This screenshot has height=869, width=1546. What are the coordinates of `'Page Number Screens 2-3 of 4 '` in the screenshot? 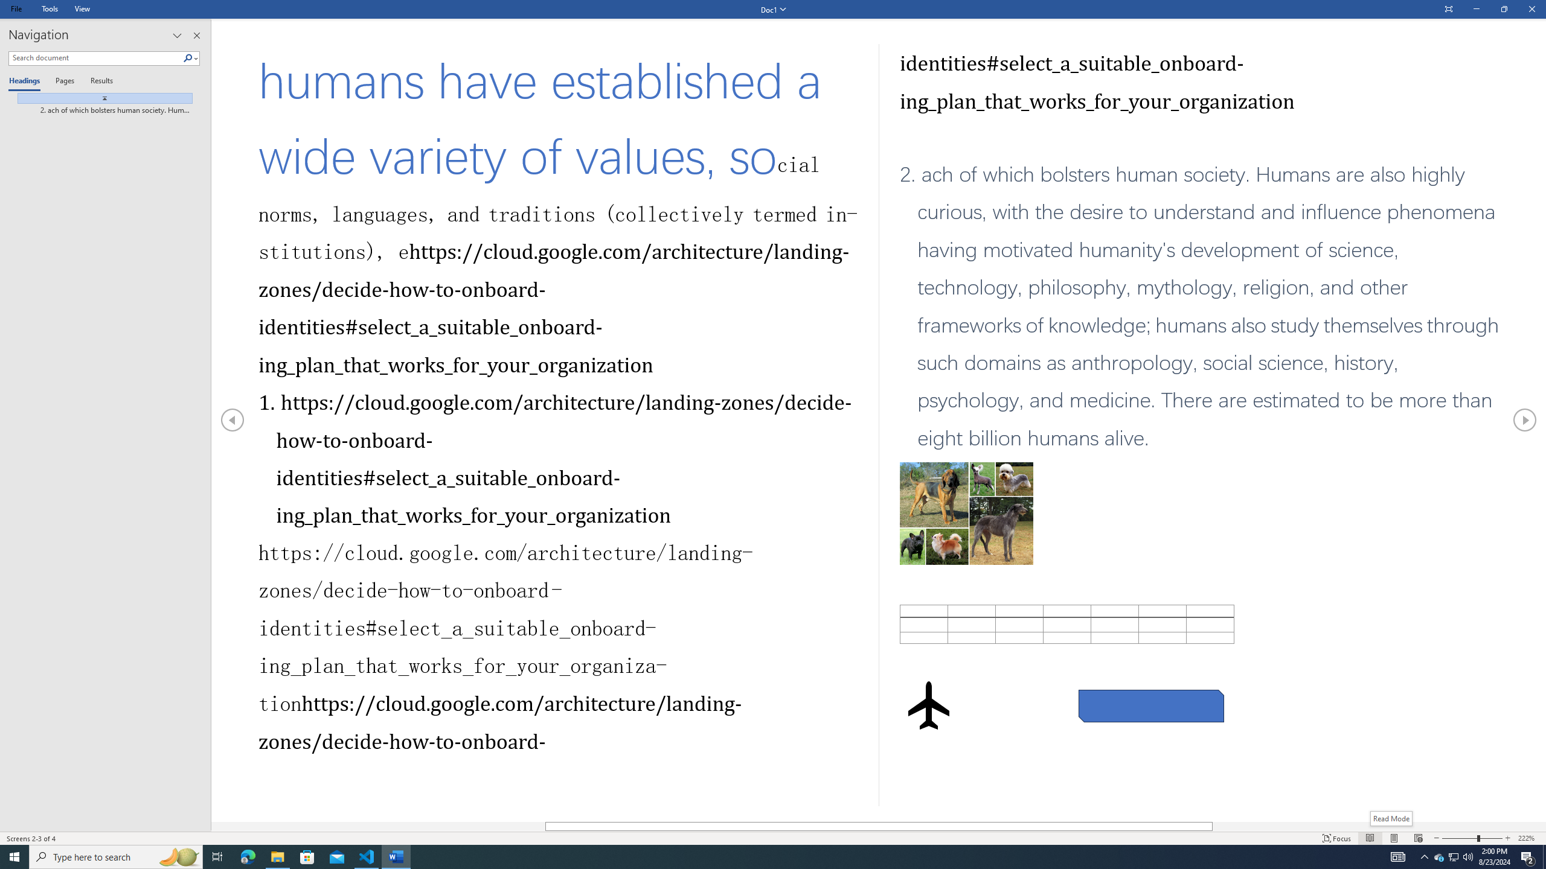 It's located at (31, 838).